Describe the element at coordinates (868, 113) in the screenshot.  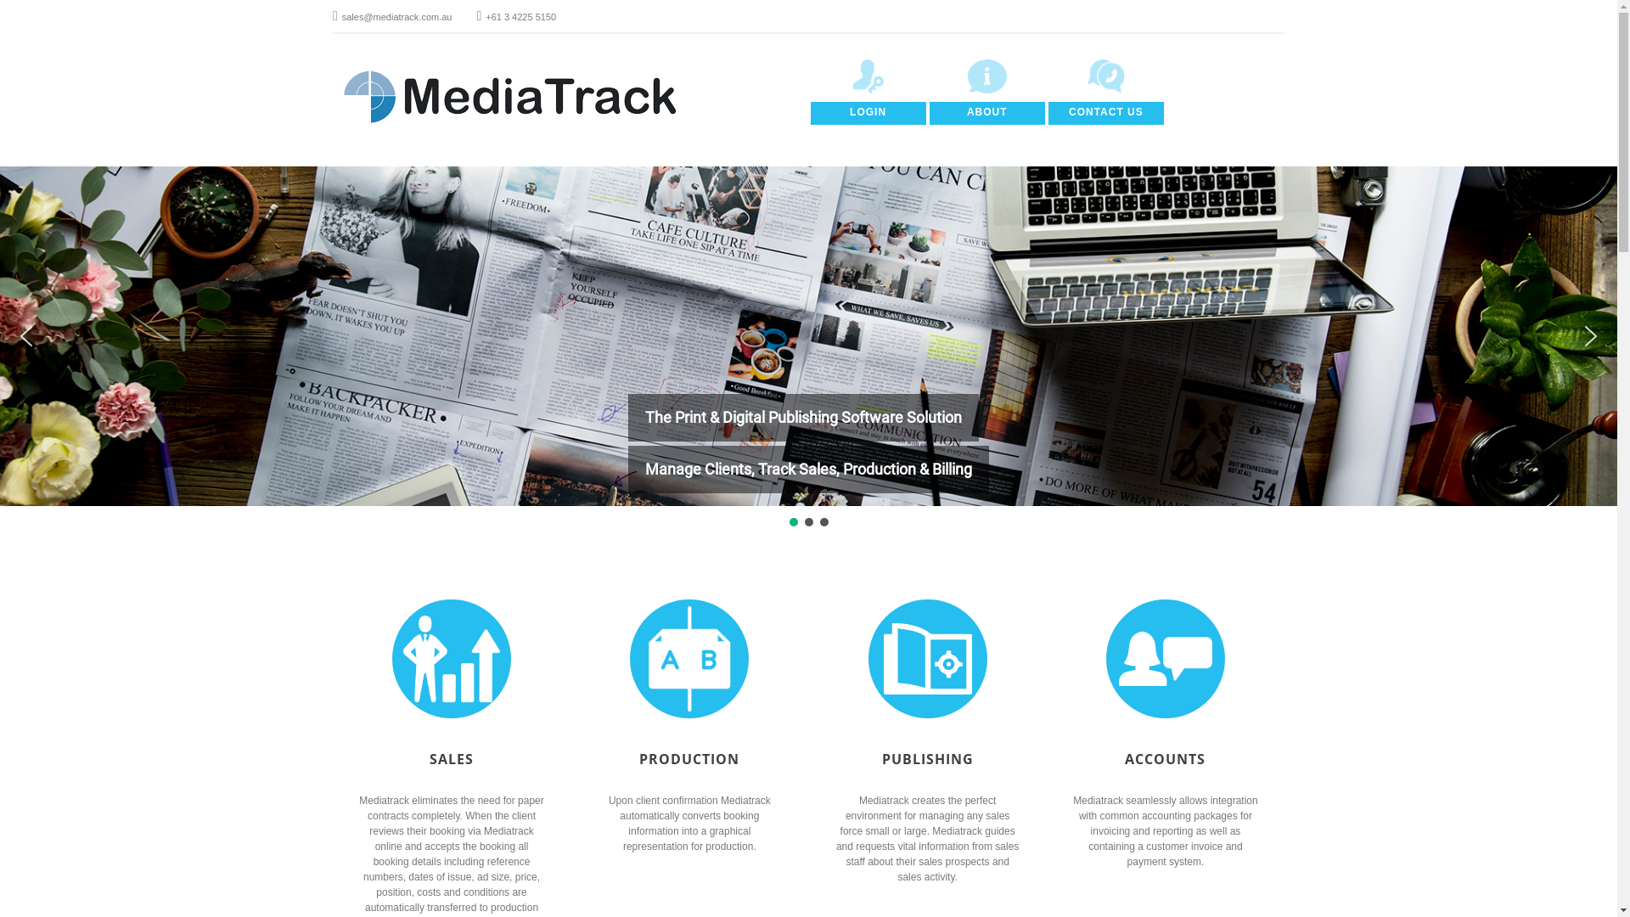
I see `'LOGIN'` at that location.